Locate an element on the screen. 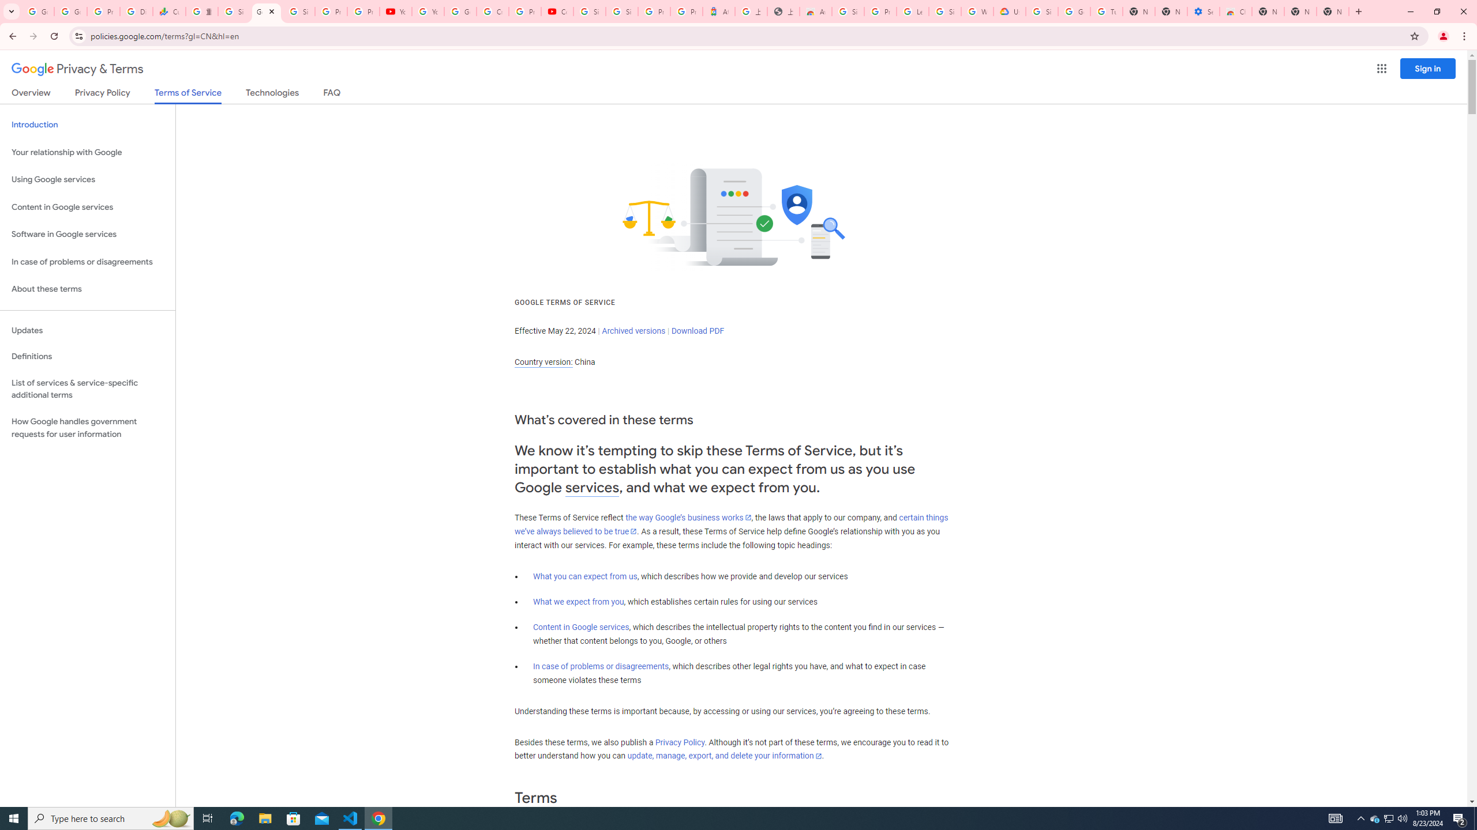 This screenshot has width=1477, height=830. 'FAQ' is located at coordinates (332, 95).